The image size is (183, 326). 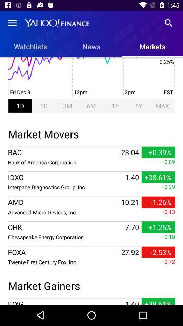 I want to click on the icon next to the 23.04 item, so click(x=64, y=162).